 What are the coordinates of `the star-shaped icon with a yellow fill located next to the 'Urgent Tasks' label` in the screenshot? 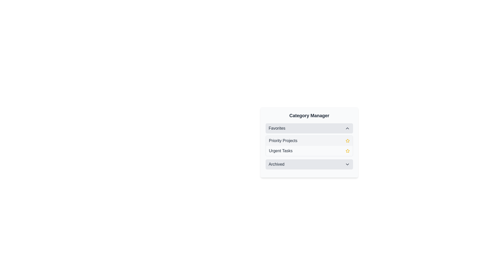 It's located at (347, 141).